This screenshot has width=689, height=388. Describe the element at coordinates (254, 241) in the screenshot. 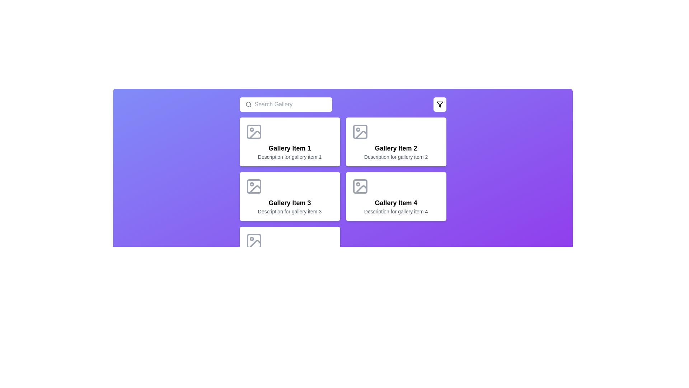

I see `the image placeholder icon located at the top of 'Gallery Item 5' in the gallery` at that location.